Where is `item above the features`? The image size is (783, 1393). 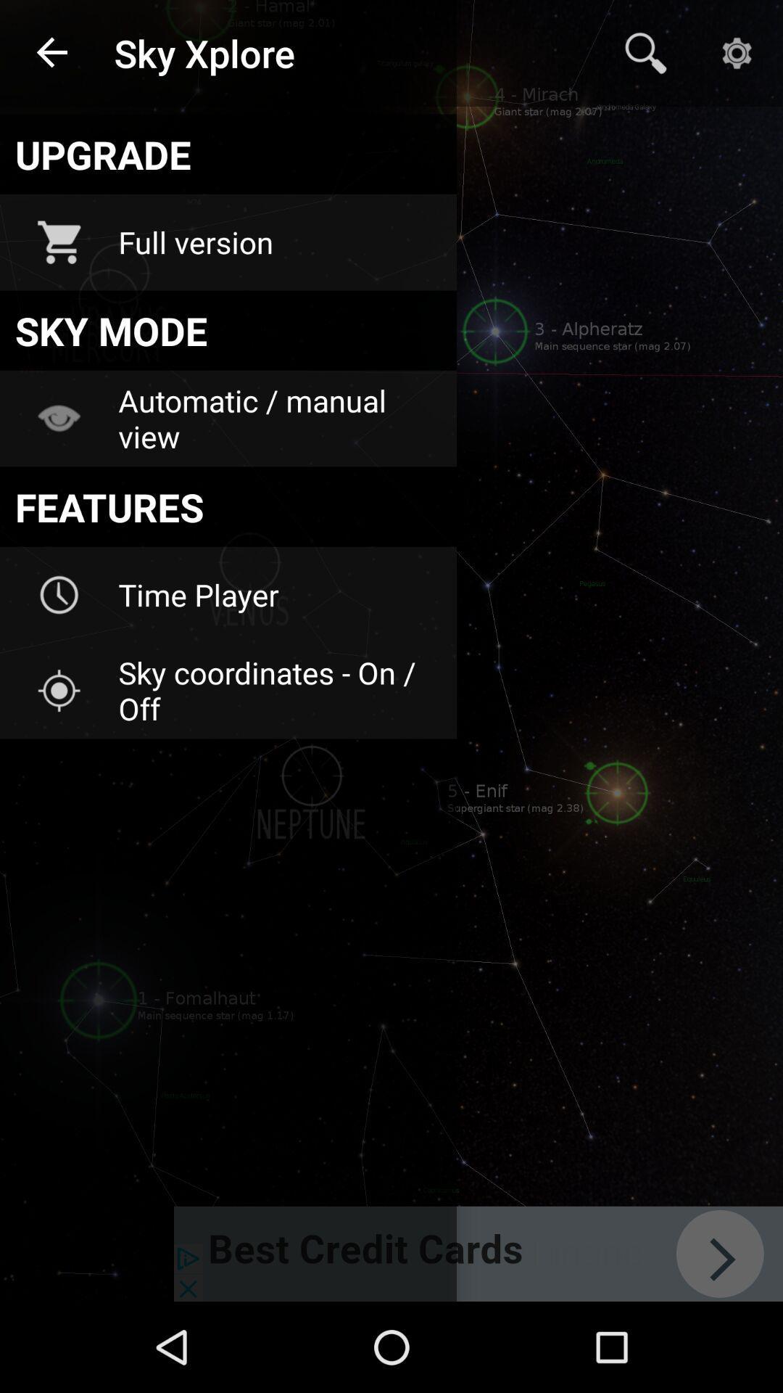 item above the features is located at coordinates (278, 418).